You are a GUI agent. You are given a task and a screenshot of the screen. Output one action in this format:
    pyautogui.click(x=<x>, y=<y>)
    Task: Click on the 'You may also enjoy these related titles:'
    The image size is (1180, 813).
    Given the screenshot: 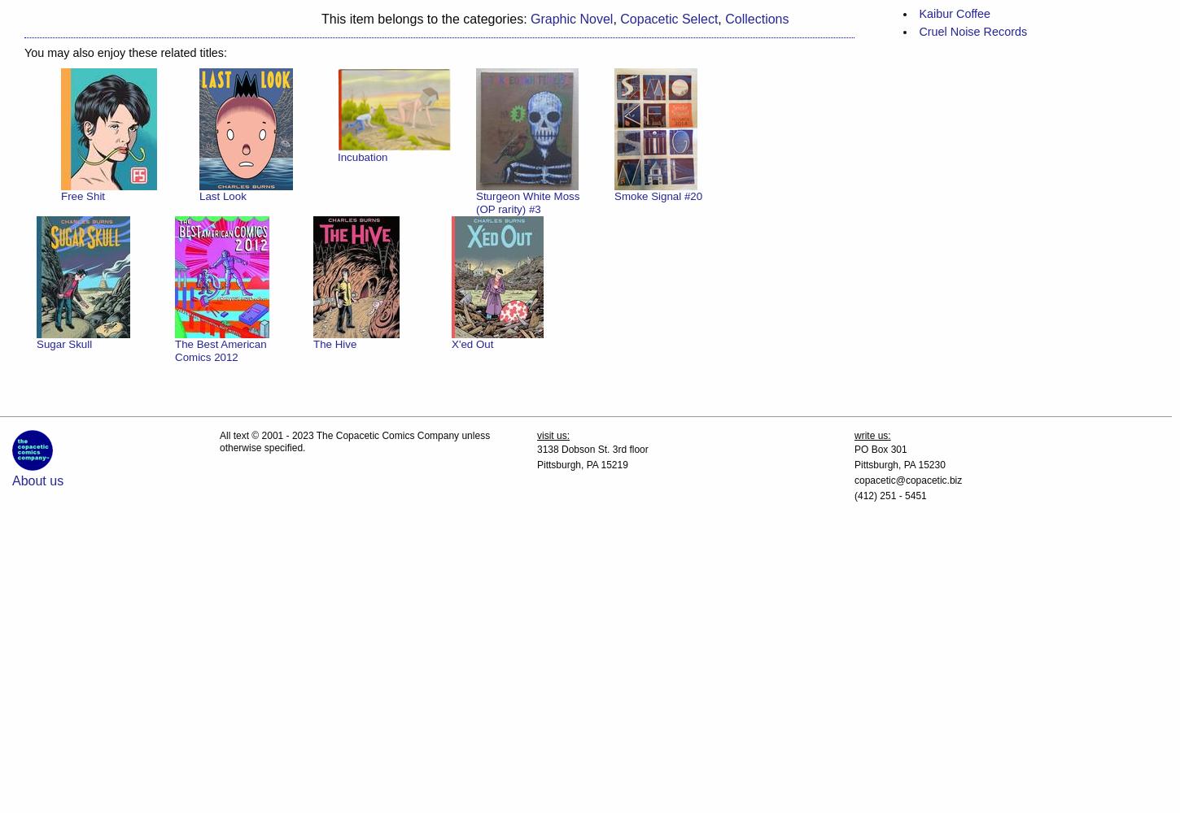 What is the action you would take?
    pyautogui.click(x=24, y=51)
    